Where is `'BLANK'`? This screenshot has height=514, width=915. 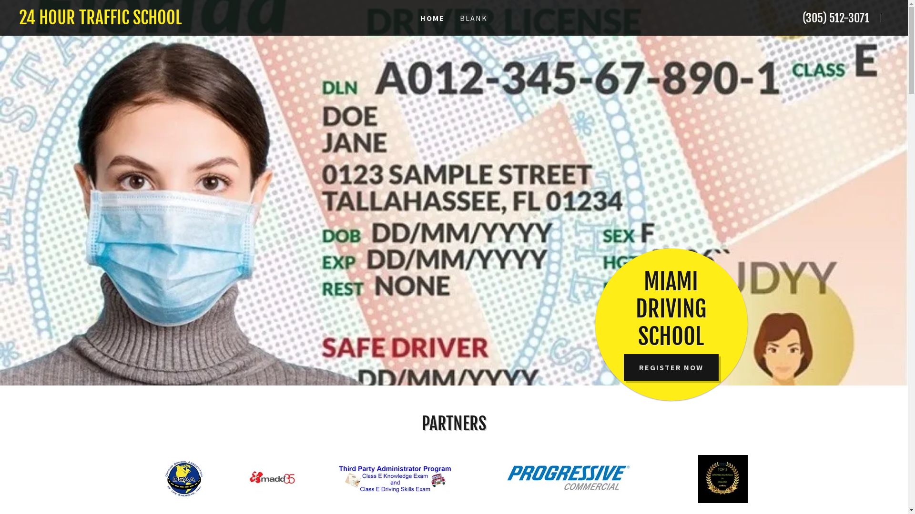
'BLANK' is located at coordinates (473, 18).